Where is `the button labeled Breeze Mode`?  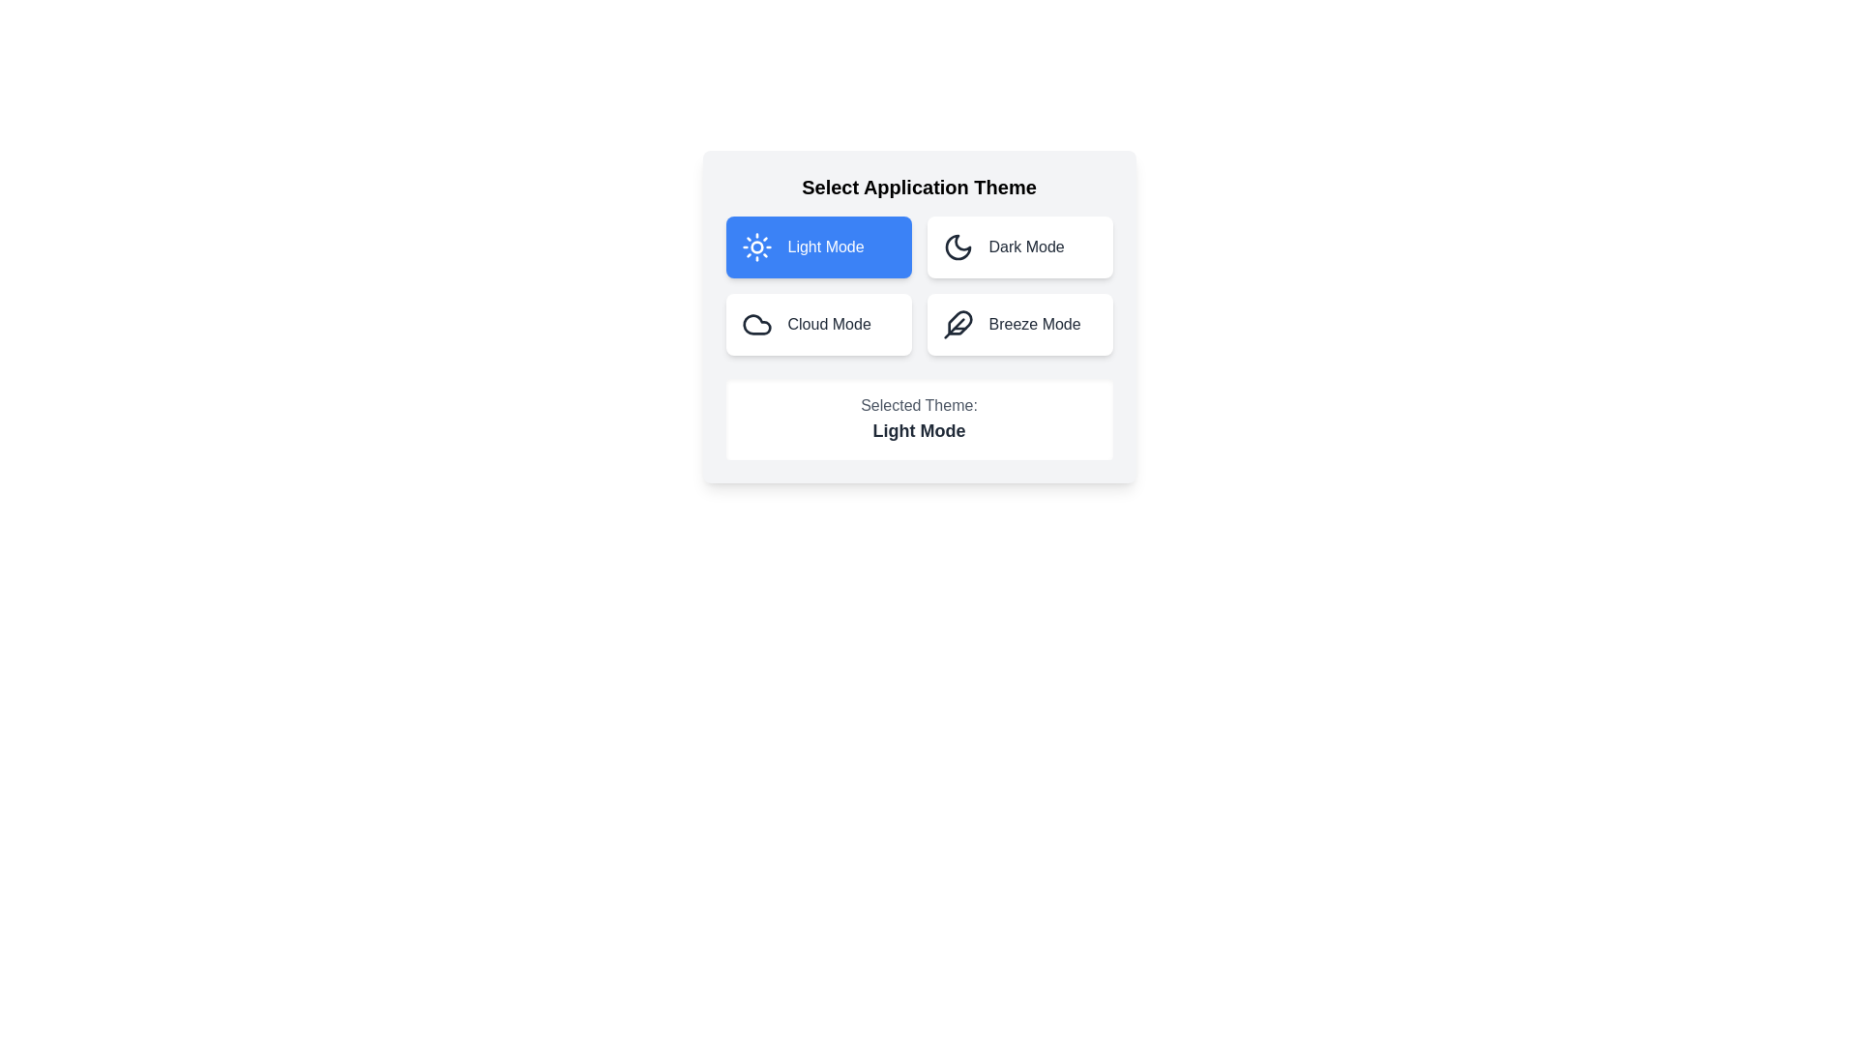 the button labeled Breeze Mode is located at coordinates (1018, 323).